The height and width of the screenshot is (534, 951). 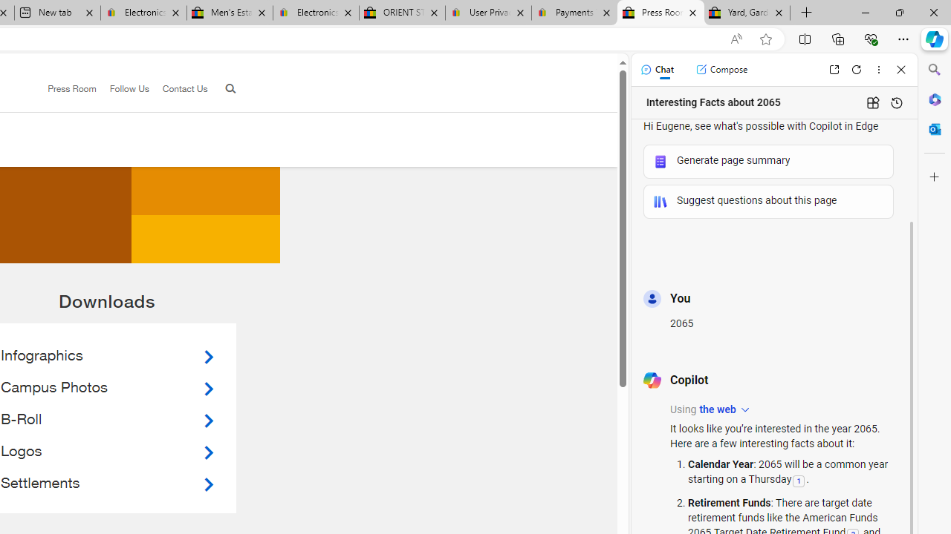 I want to click on 'Follow Us', so click(x=123, y=89).